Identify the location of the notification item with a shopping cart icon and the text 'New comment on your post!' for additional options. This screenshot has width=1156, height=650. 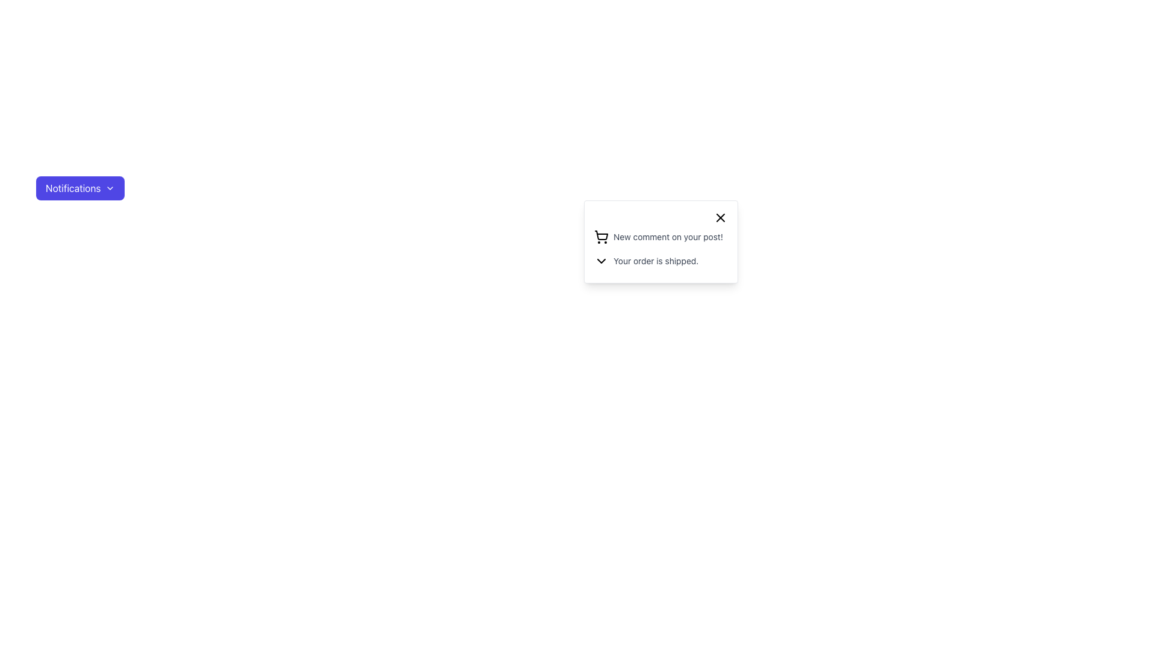
(660, 237).